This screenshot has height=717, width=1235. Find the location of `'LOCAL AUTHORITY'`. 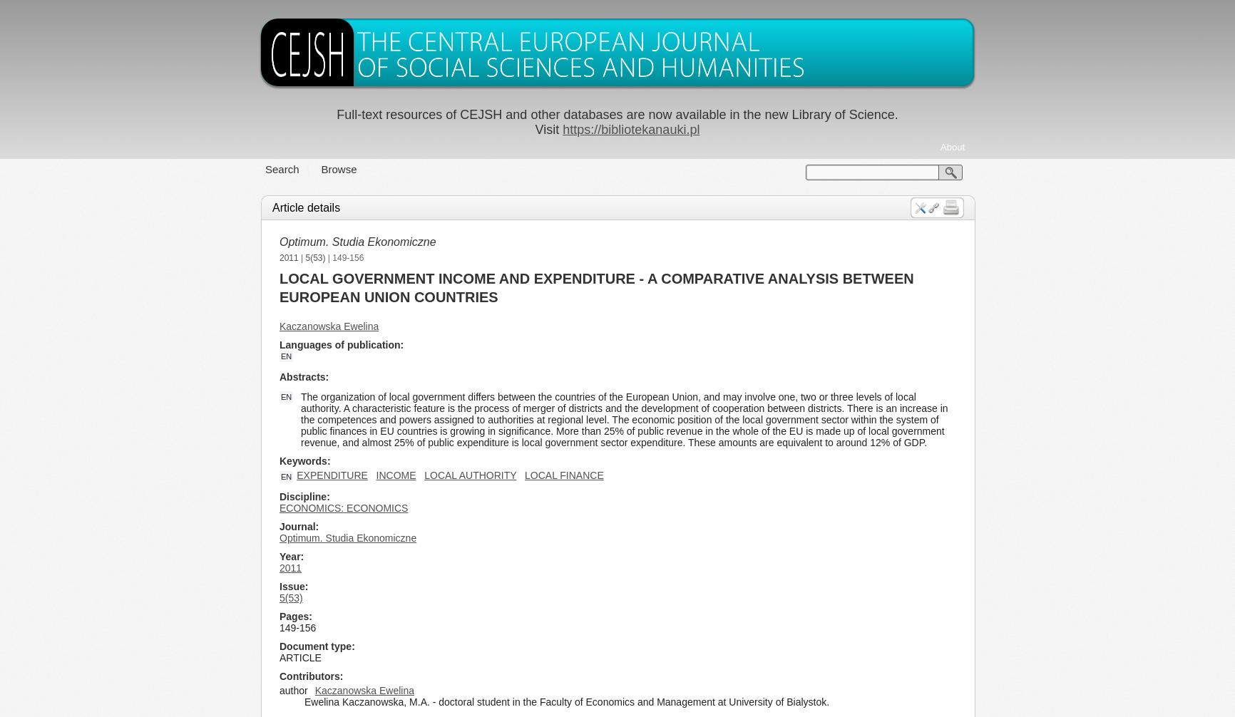

'LOCAL AUTHORITY' is located at coordinates (469, 475).